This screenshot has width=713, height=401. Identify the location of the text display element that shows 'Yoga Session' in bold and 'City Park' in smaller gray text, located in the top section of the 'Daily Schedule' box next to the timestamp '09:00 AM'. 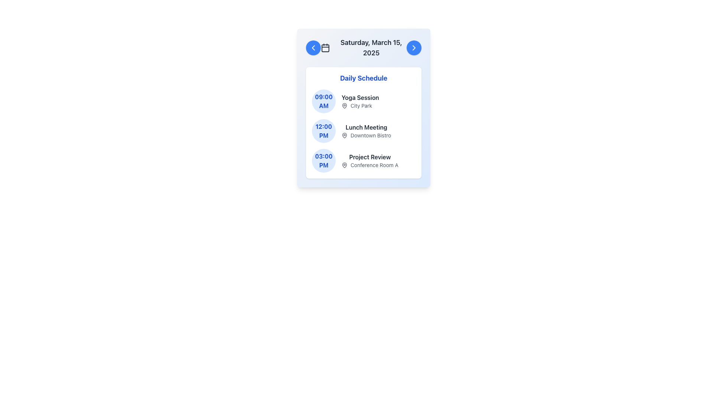
(360, 101).